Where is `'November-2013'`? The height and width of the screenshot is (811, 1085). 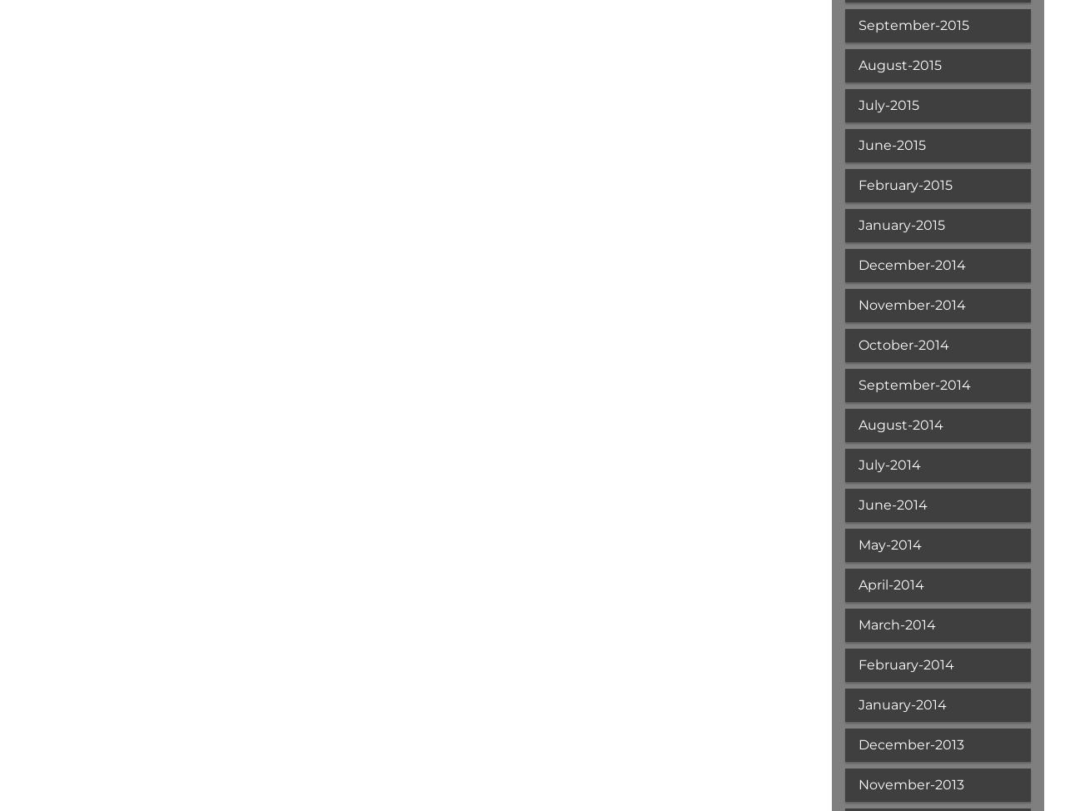 'November-2013' is located at coordinates (909, 784).